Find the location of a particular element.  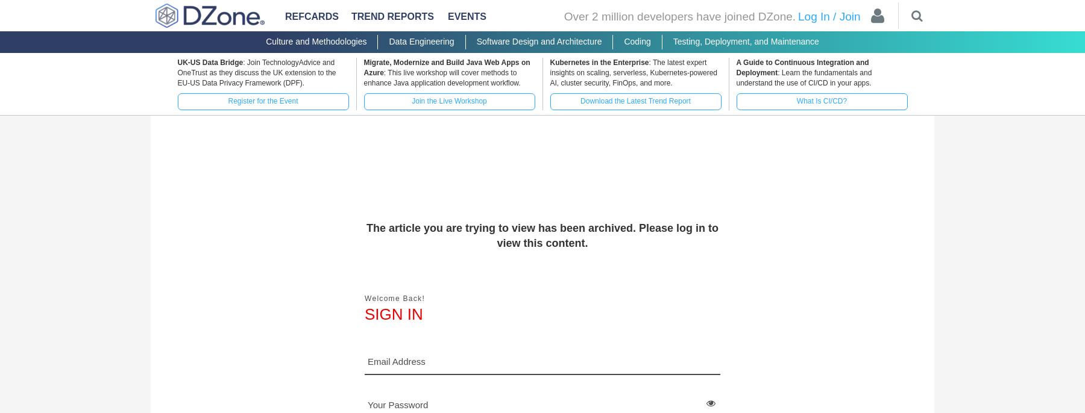

': This live workshop will cover methods to enhance Java application development workflow.' is located at coordinates (441, 78).